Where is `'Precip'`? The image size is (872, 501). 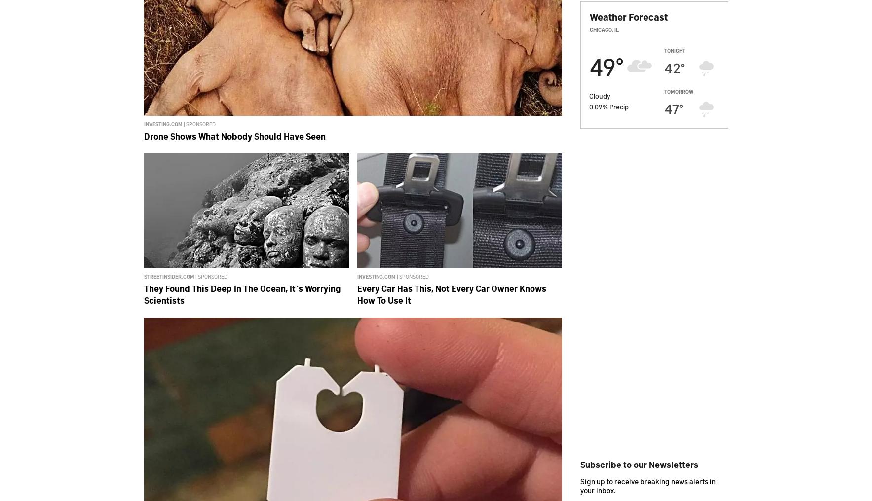
'Precip' is located at coordinates (608, 107).